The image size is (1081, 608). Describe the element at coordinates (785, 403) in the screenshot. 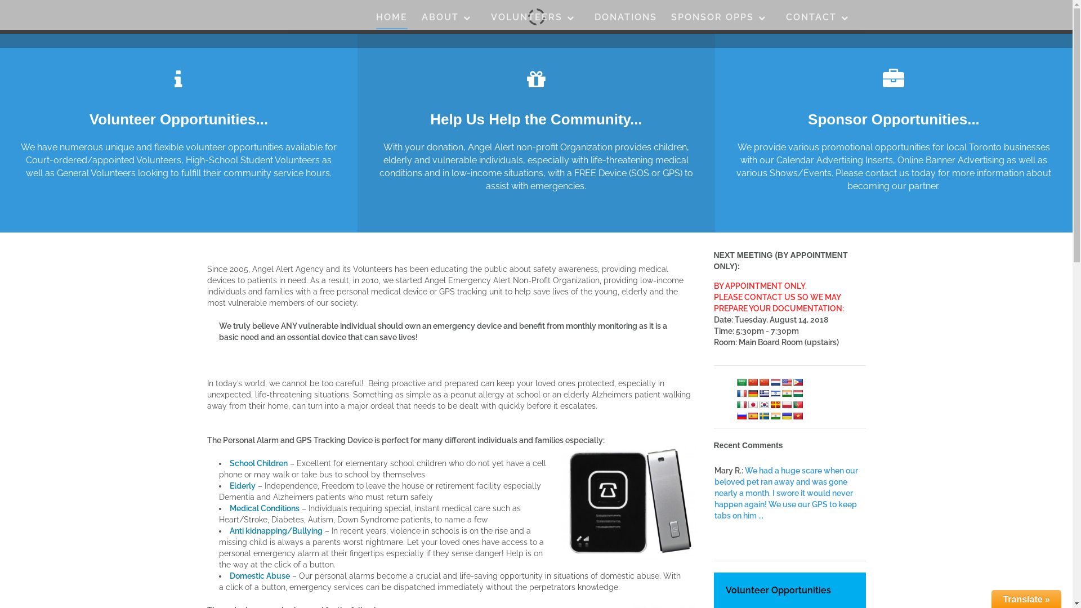

I see `'Polish'` at that location.